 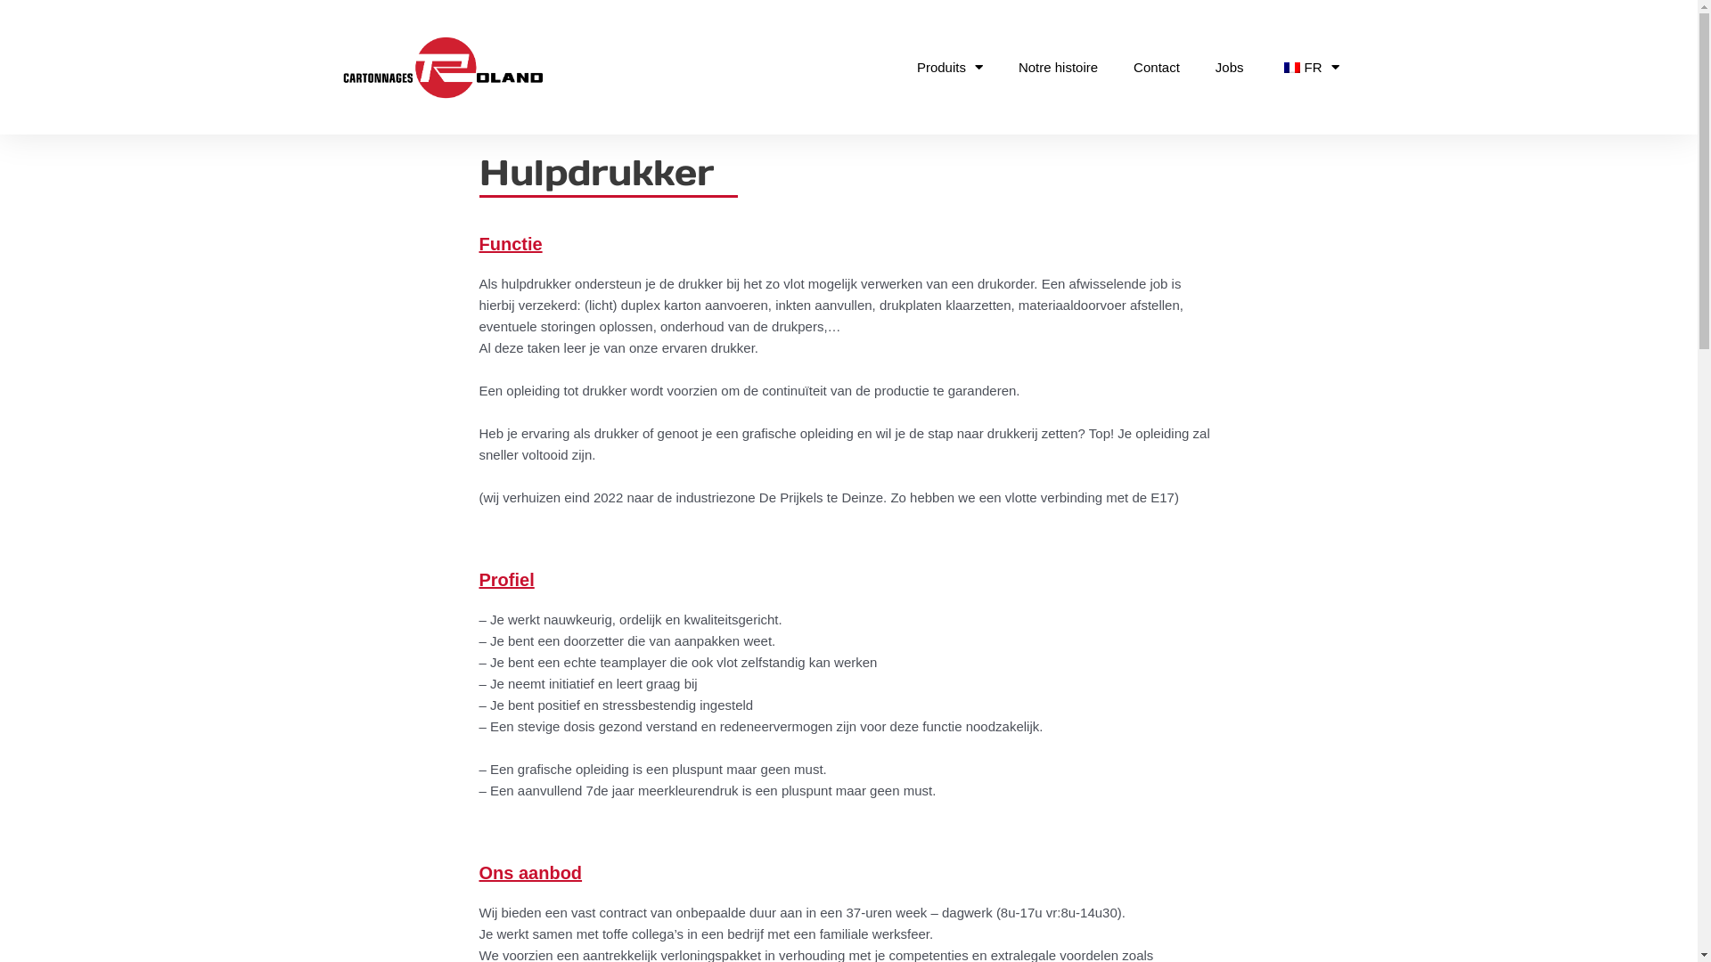 I want to click on 'FR', so click(x=1261, y=67).